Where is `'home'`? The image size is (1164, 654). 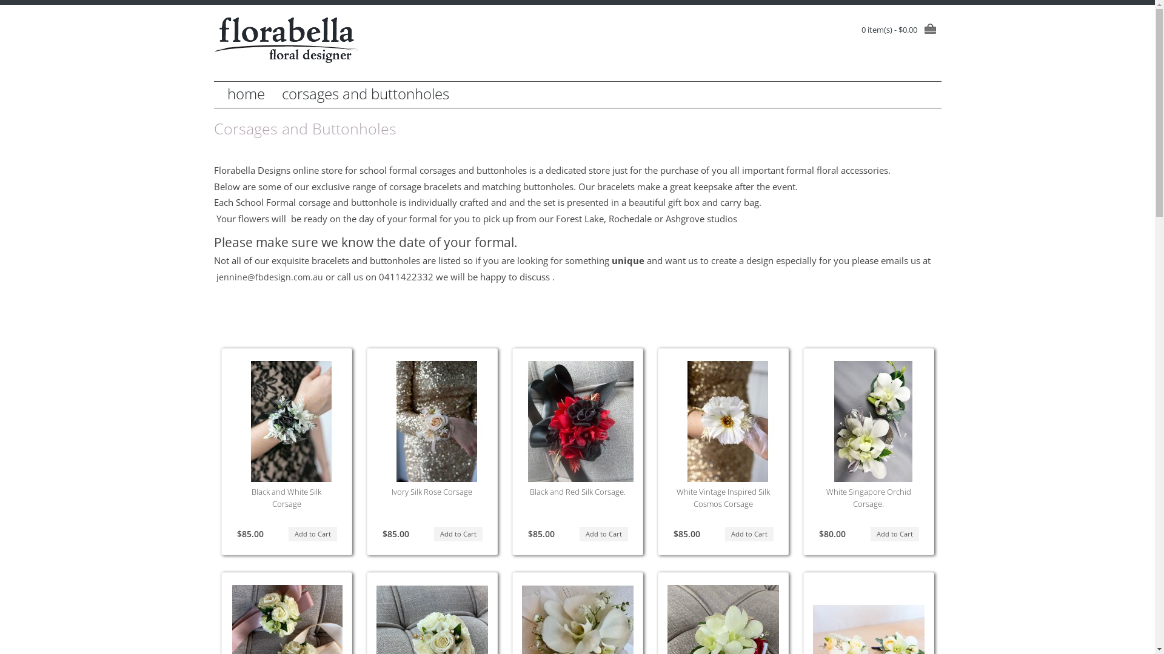 'home' is located at coordinates (244, 93).